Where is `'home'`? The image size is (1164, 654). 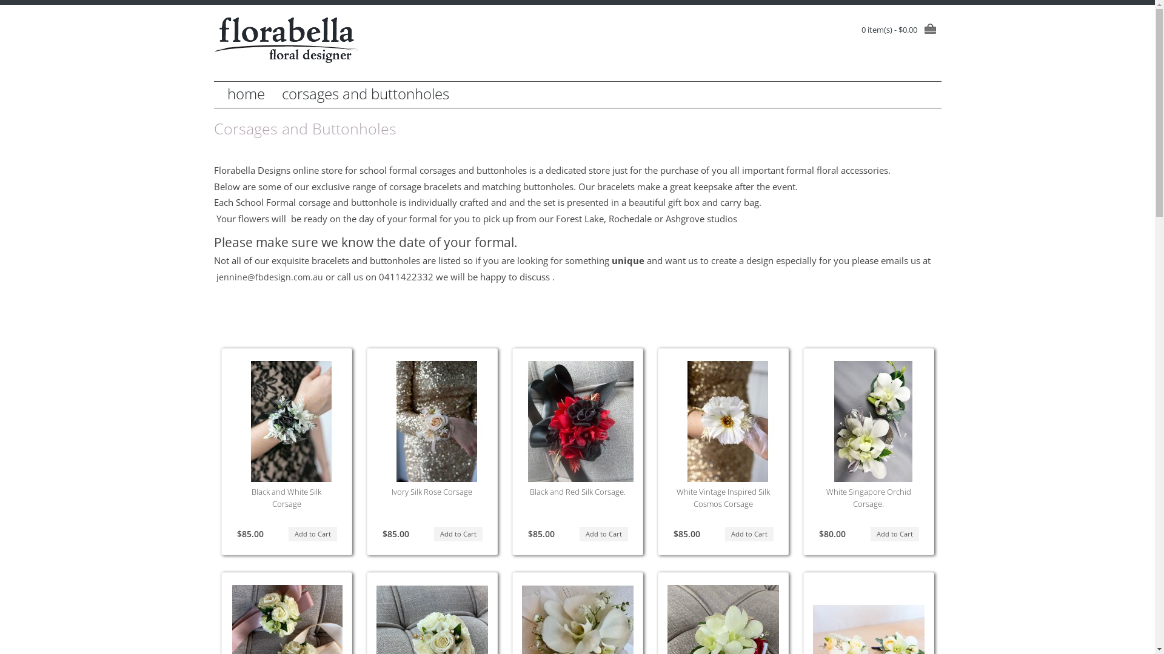 'home' is located at coordinates (244, 93).